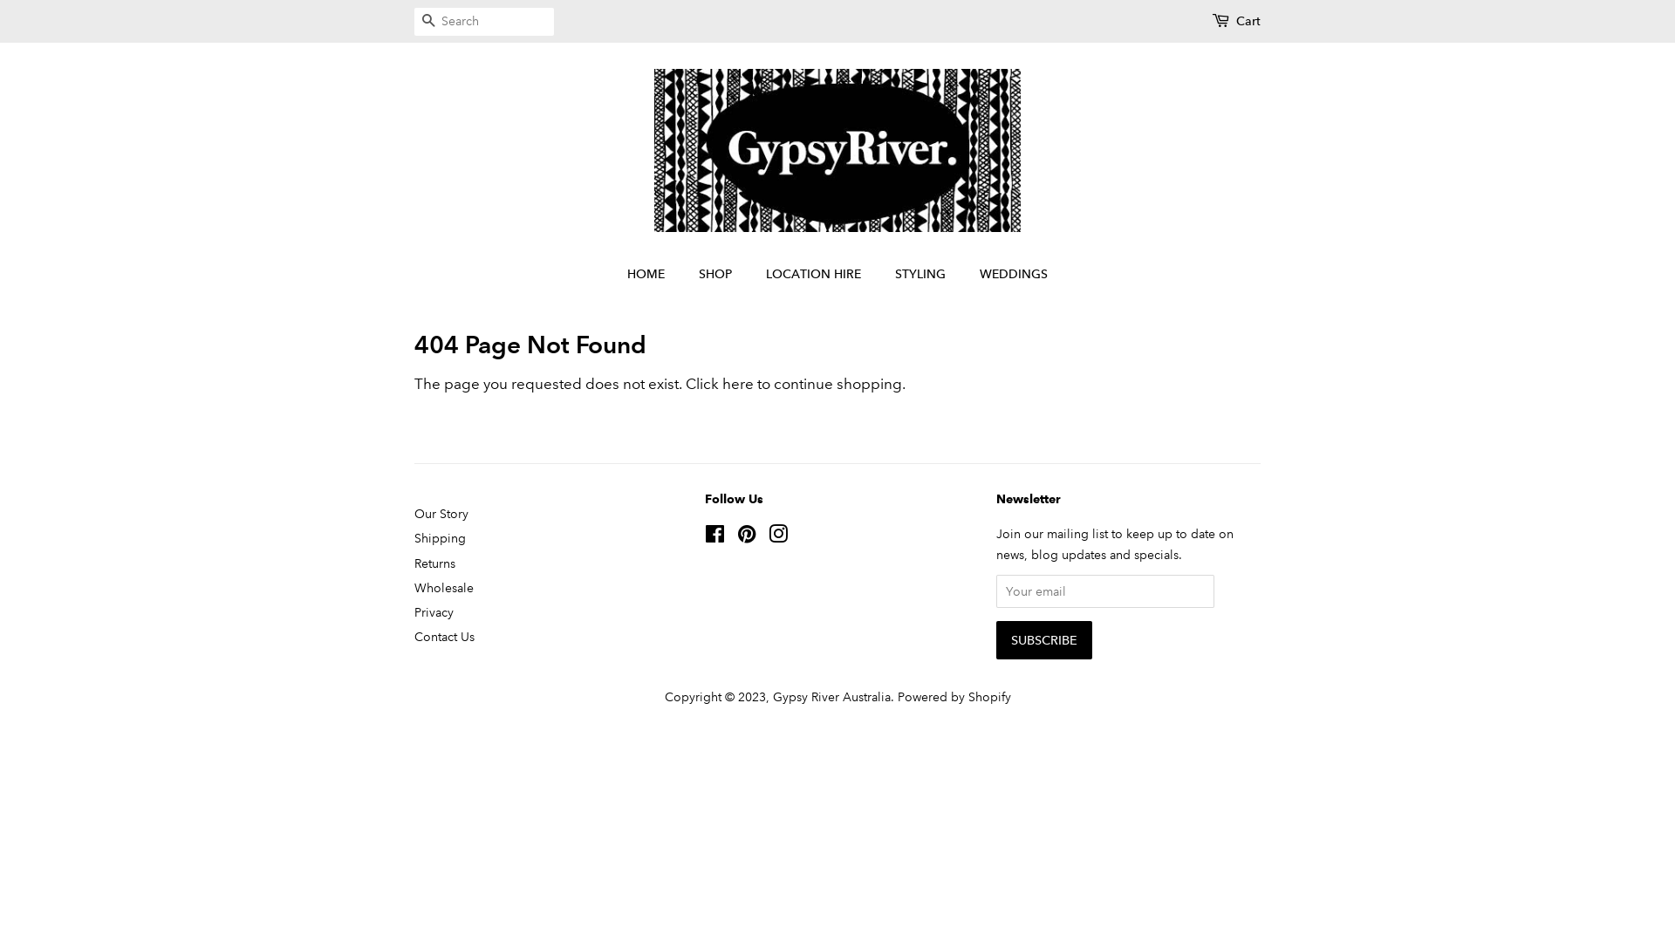  Describe the element at coordinates (737, 383) in the screenshot. I see `'here'` at that location.